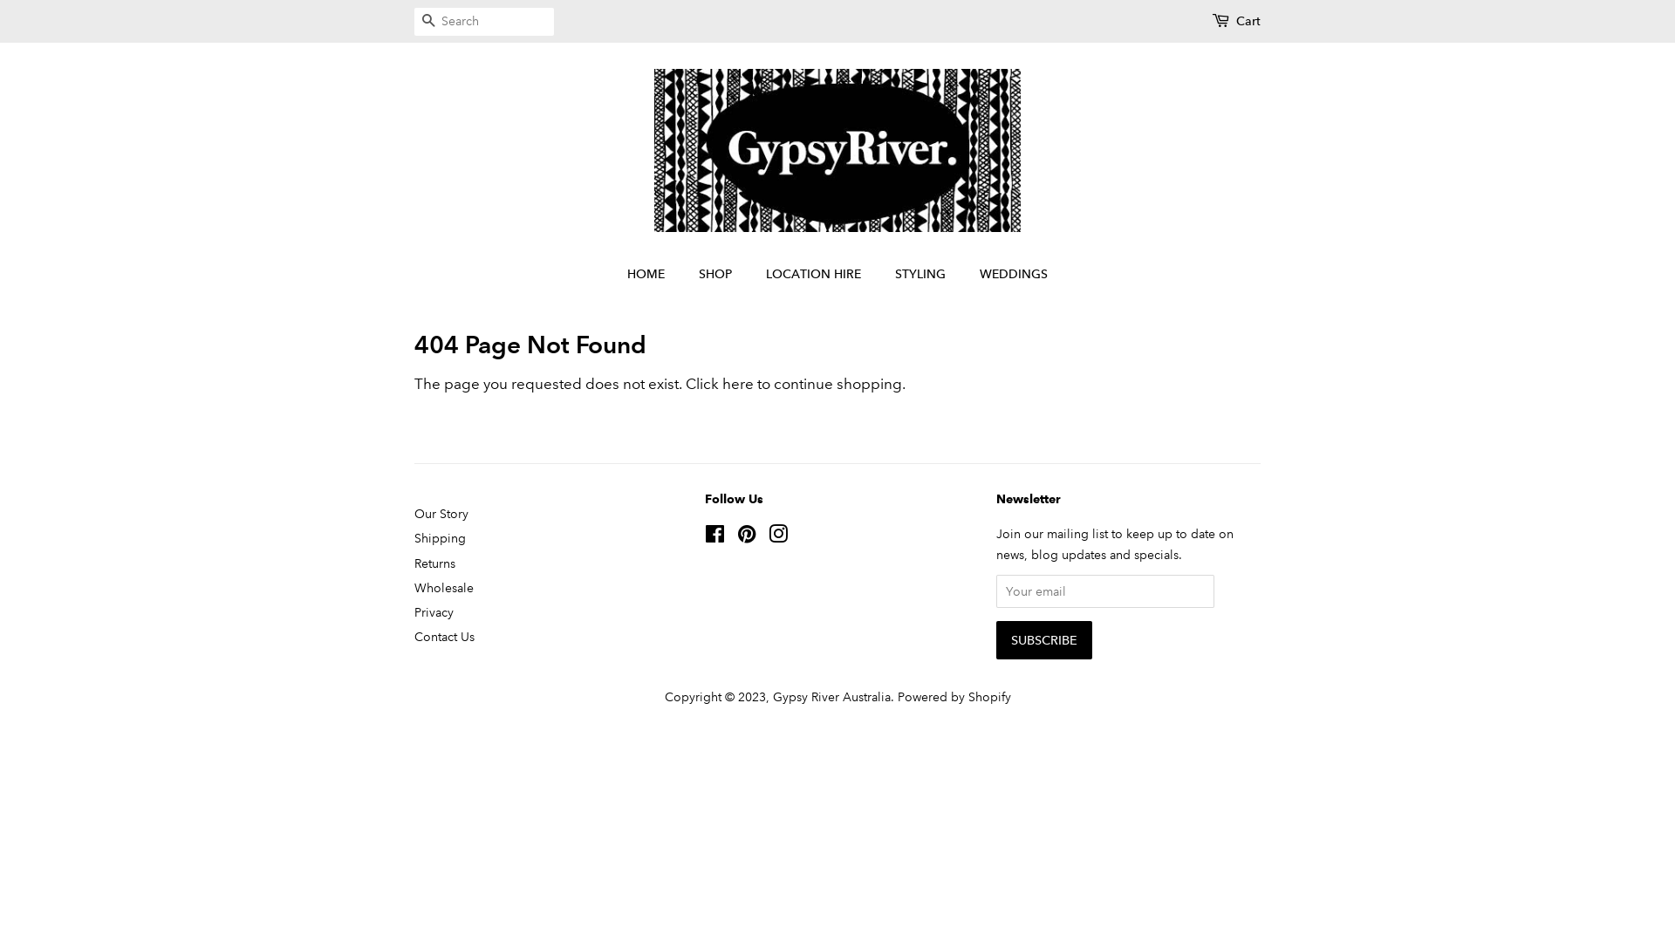  Describe the element at coordinates (737, 383) in the screenshot. I see `'here'` at that location.